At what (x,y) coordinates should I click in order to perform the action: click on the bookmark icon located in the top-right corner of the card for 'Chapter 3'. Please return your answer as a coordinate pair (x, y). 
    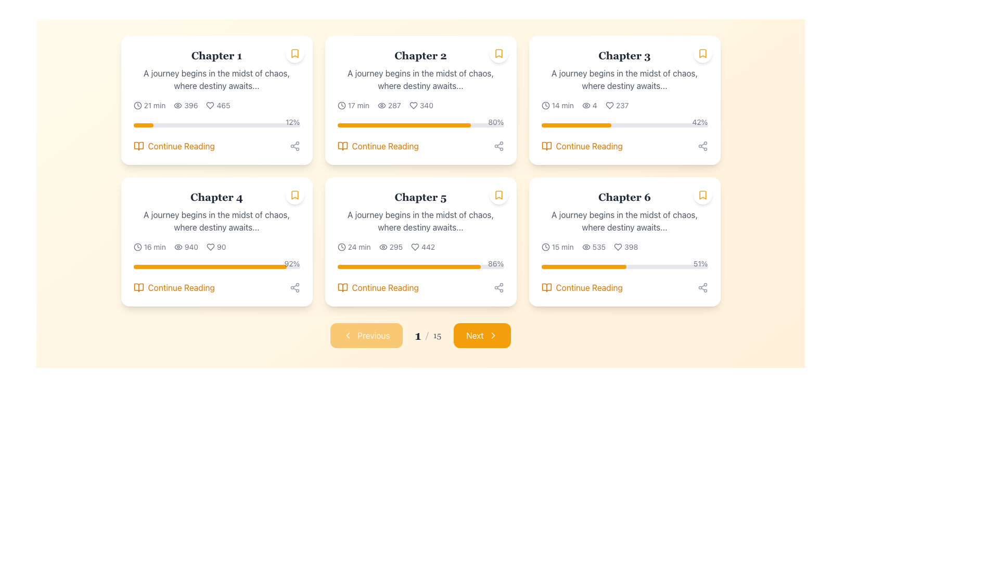
    Looking at the image, I should click on (702, 54).